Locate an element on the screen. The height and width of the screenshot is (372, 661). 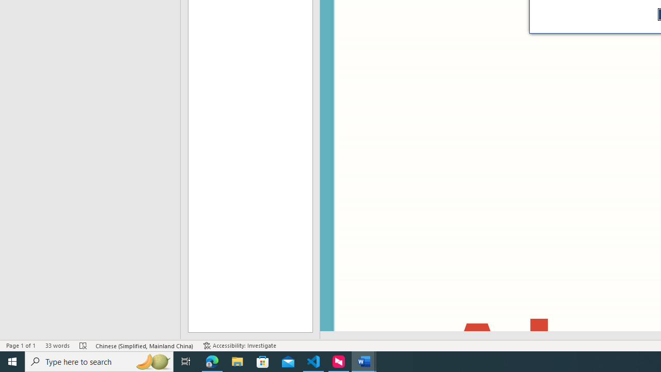
'File Explorer' is located at coordinates (237, 361).